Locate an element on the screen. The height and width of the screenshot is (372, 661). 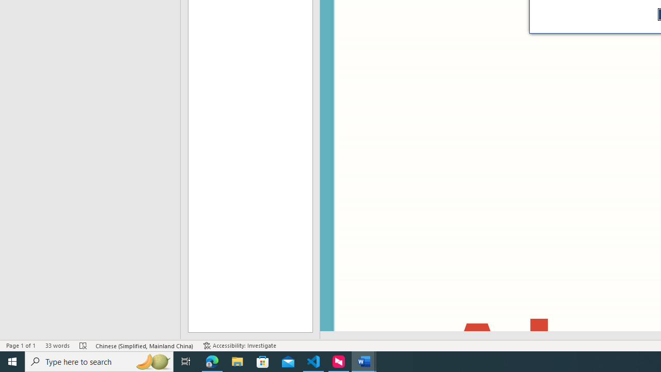
'File Explorer' is located at coordinates (237, 361).